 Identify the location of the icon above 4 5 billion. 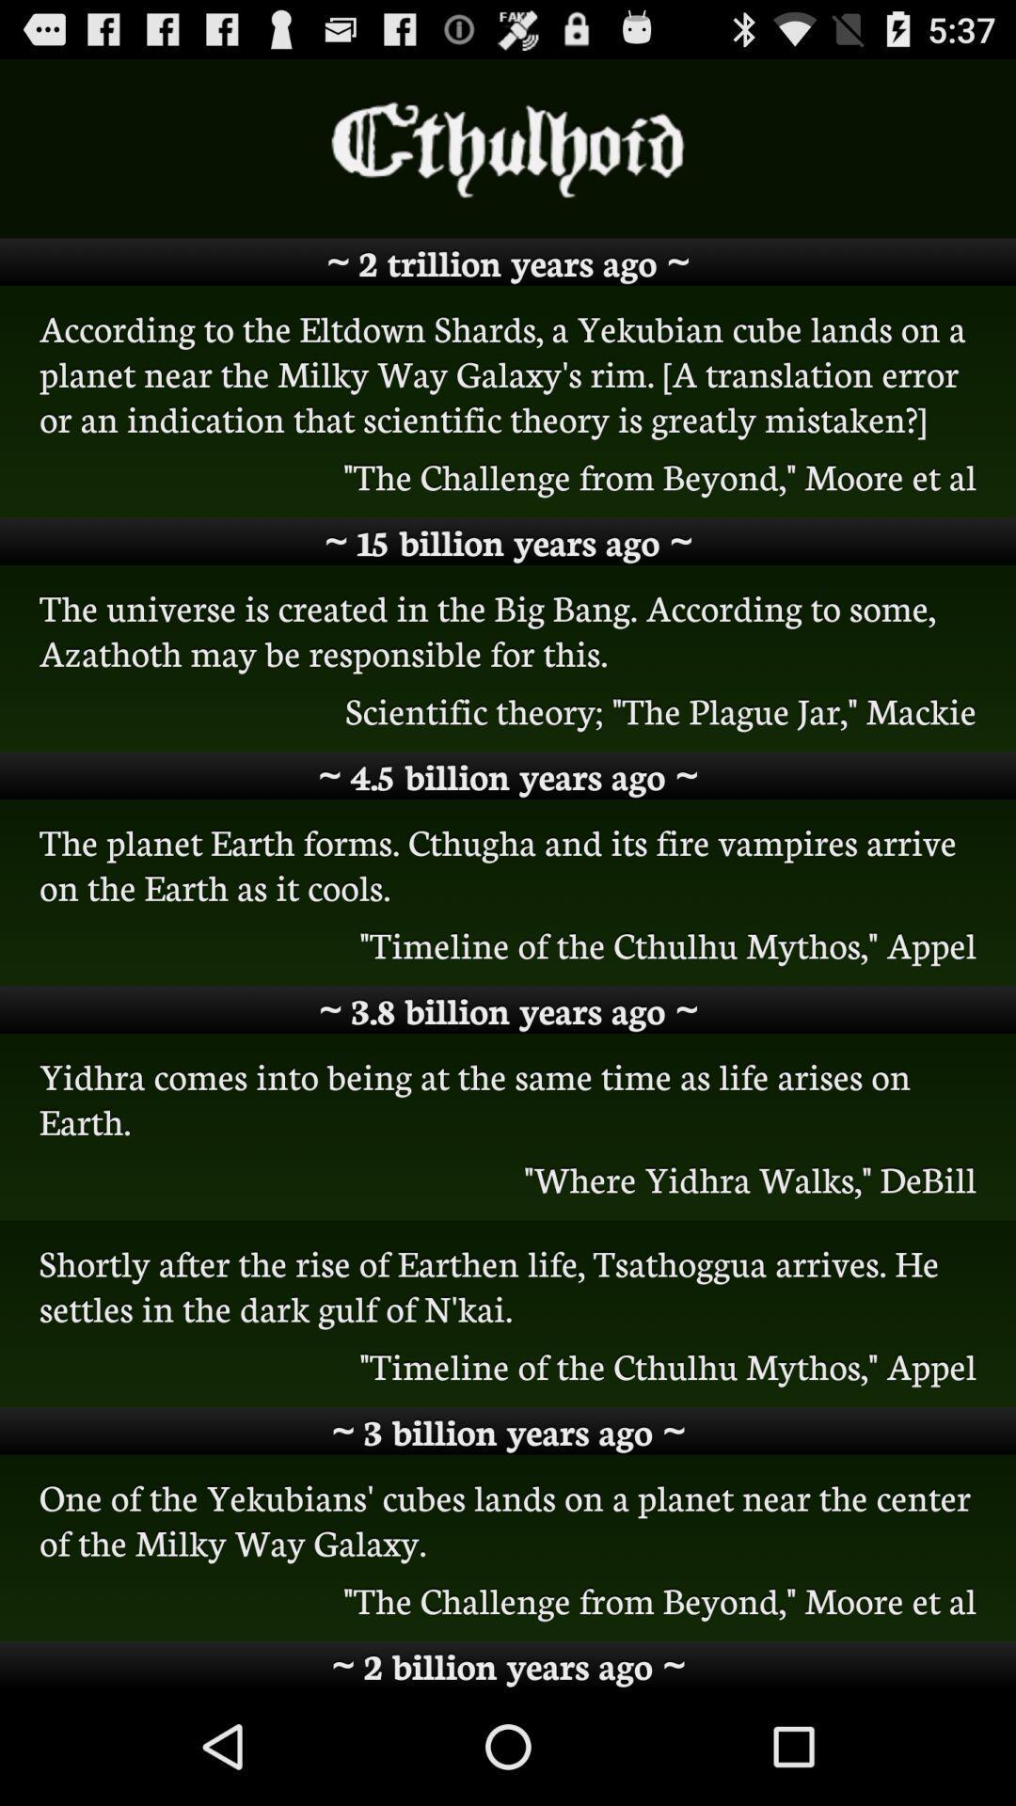
(508, 709).